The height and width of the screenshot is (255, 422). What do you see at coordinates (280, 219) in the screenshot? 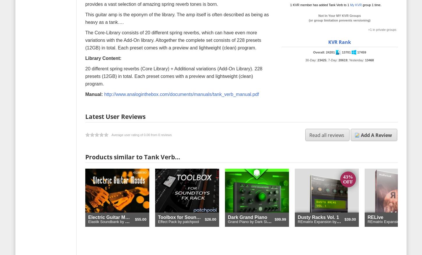
I see `'$99.99'` at bounding box center [280, 219].